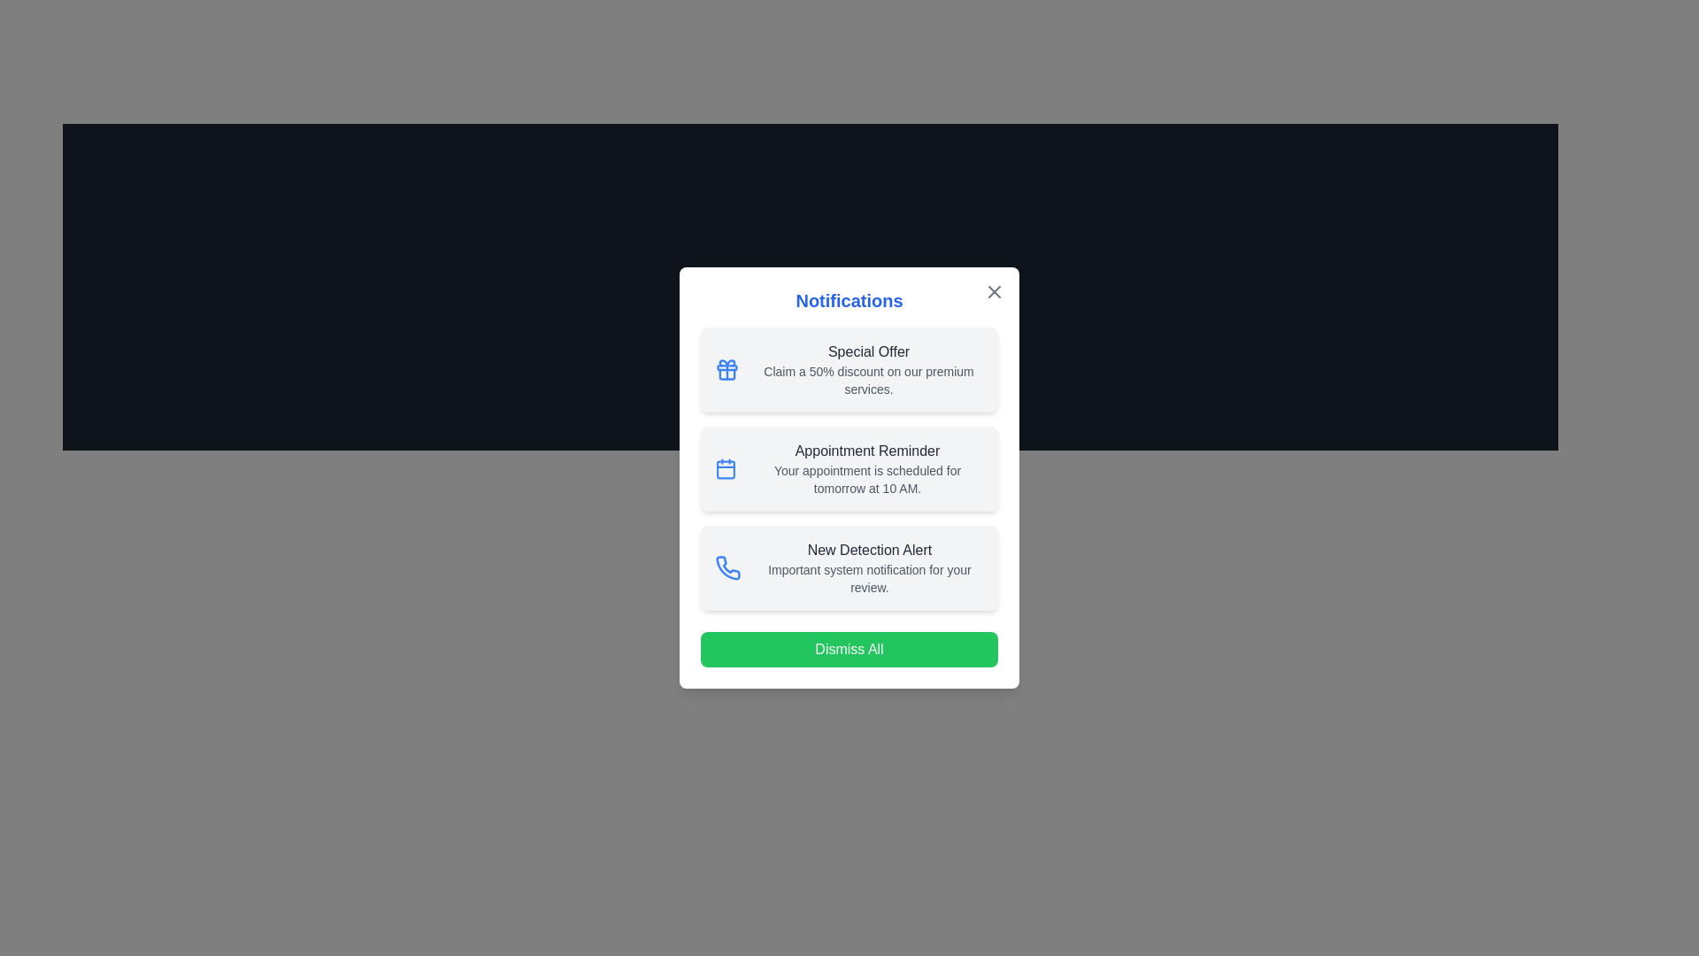 Image resolution: width=1699 pixels, height=956 pixels. Describe the element at coordinates (869, 368) in the screenshot. I see `promotional message from the Static text block that conveys a 50% discount on premium services, located in the first notification card above the 'Appointment Reminder' card` at that location.